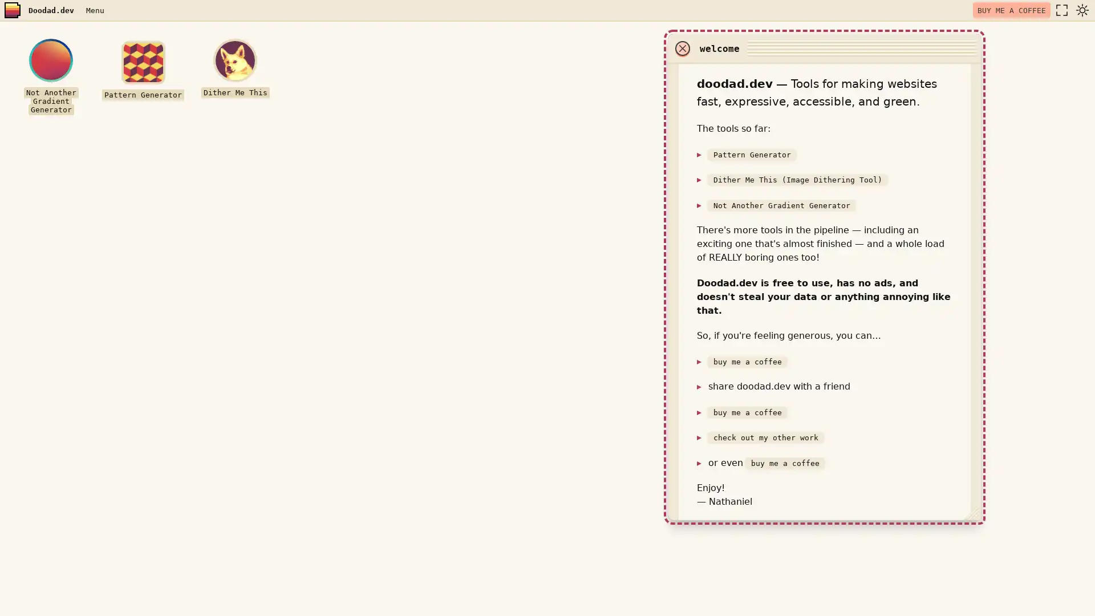  What do you see at coordinates (51, 10) in the screenshot?
I see `Doodad.dev` at bounding box center [51, 10].